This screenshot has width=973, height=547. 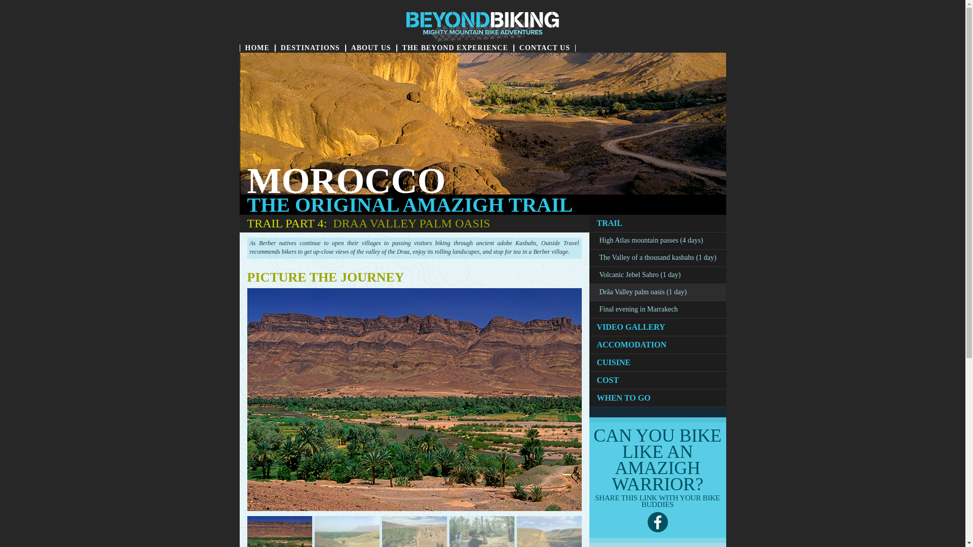 I want to click on 'Volcanic Jebel Sahro (1 day)', so click(x=657, y=275).